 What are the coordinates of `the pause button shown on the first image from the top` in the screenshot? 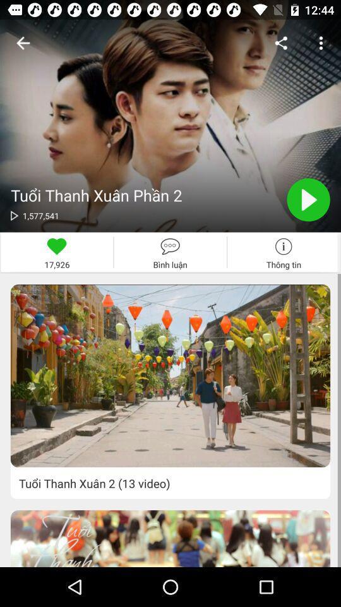 It's located at (308, 200).